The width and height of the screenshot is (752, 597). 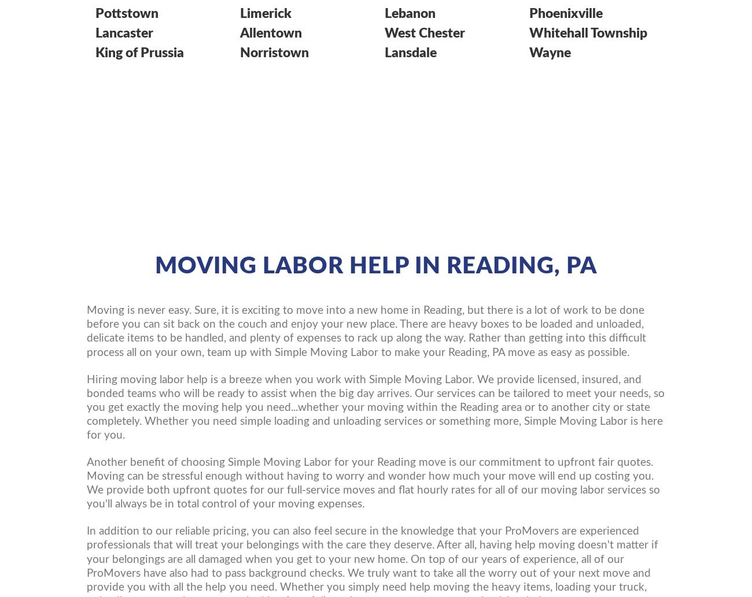 What do you see at coordinates (376, 266) in the screenshot?
I see `'Moving Labor Help in Reading, PA'` at bounding box center [376, 266].